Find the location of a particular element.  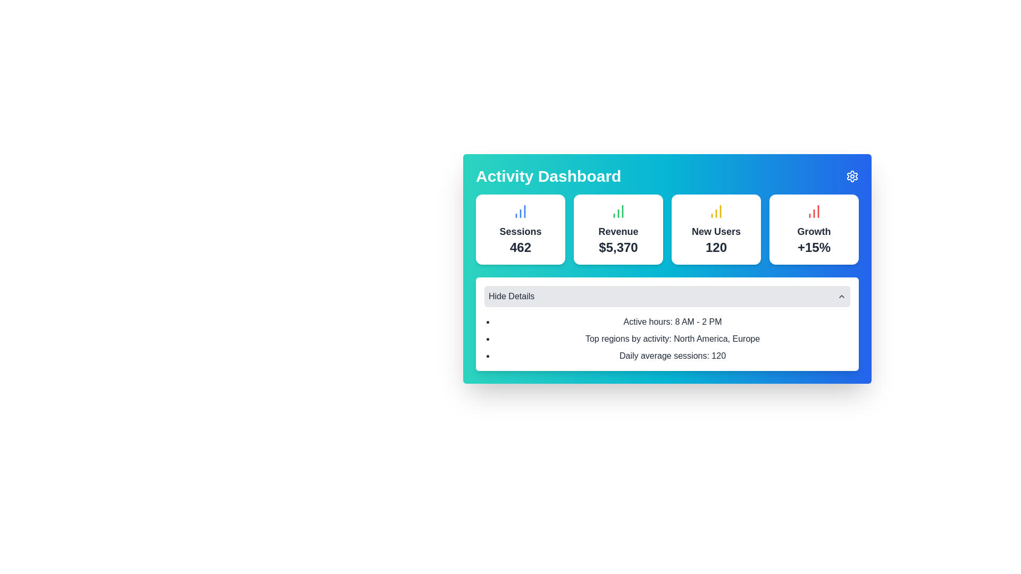

static text label displaying the daily average number of sessions, which is 120, located in the third item of the bulleted list under the 'Hide Details' section is located at coordinates (672, 356).